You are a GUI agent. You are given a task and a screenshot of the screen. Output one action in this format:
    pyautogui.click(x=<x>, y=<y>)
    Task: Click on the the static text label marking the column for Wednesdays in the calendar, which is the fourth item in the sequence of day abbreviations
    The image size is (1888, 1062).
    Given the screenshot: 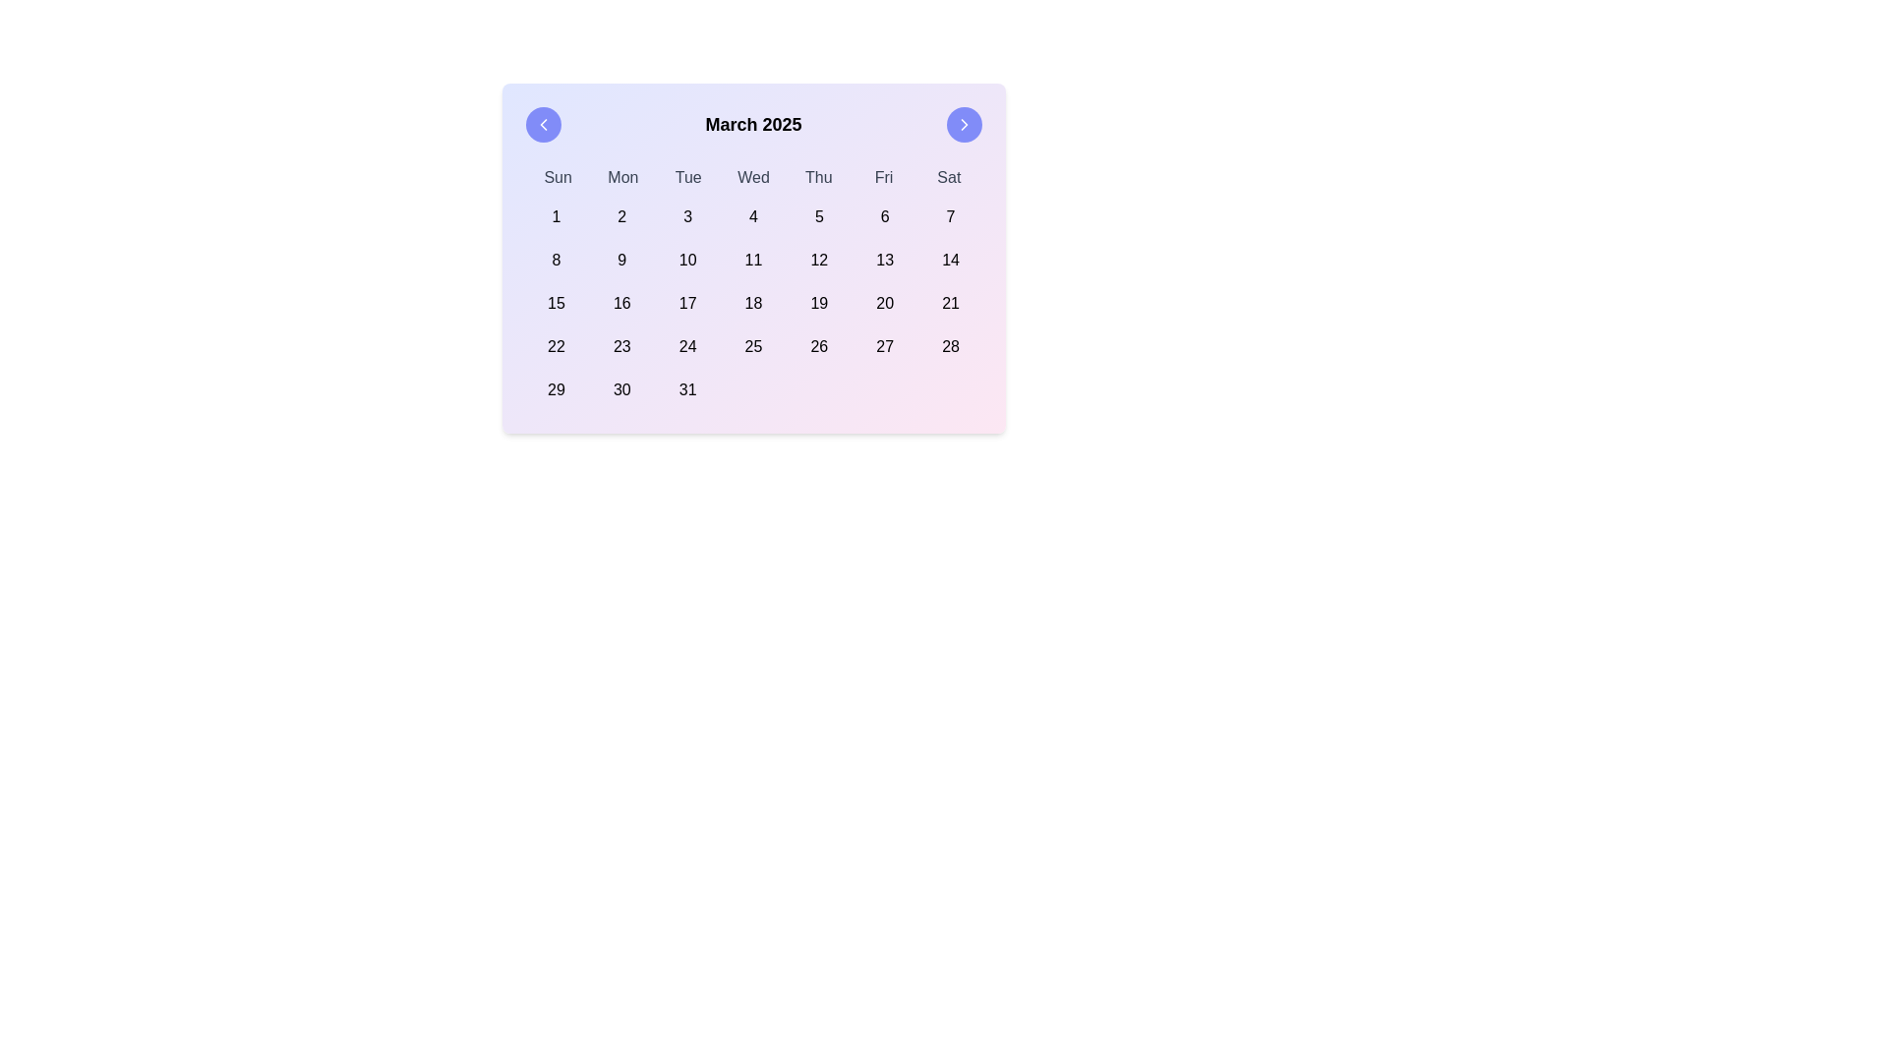 What is the action you would take?
    pyautogui.click(x=752, y=178)
    